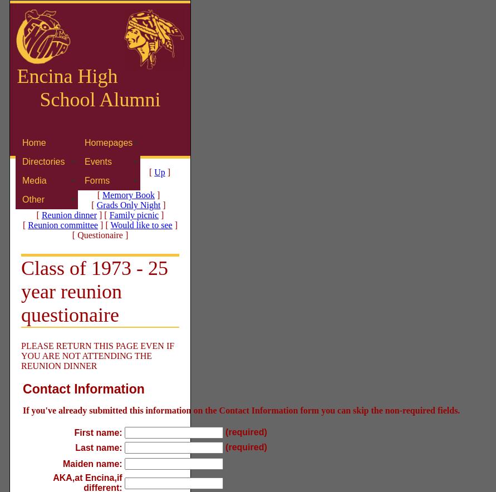  Describe the element at coordinates (127, 100) in the screenshot. I see `'Alumni'` at that location.